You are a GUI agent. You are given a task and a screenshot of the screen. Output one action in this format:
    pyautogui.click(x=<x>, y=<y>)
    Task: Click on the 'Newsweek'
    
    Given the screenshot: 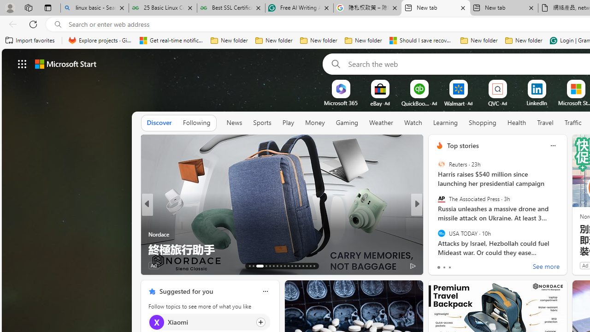 What is the action you would take?
    pyautogui.click(x=435, y=219)
    